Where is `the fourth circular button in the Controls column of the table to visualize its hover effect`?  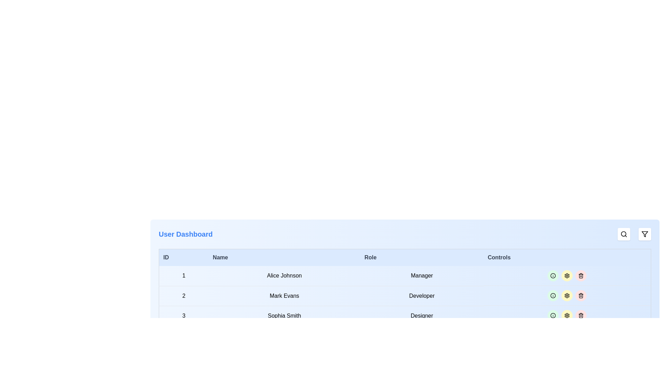
the fourth circular button in the Controls column of the table to visualize its hover effect is located at coordinates (581, 315).